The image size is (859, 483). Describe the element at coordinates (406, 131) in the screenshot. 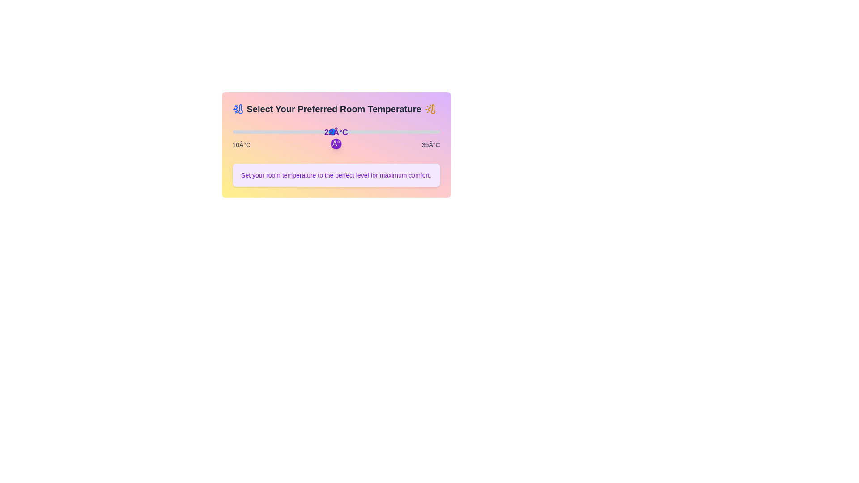

I see `the temperature to 31°C by dragging the slider` at that location.